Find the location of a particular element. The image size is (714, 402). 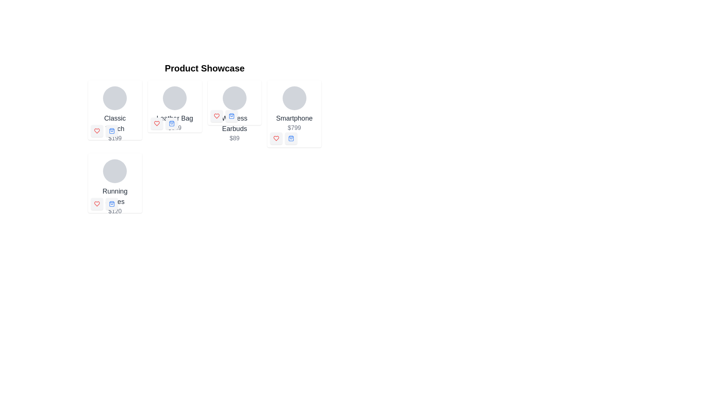

the circular placeholder representing the 'Running Shoes' product, located near the top-center of the 'Running Shoes' card in the grid layout is located at coordinates (115, 171).